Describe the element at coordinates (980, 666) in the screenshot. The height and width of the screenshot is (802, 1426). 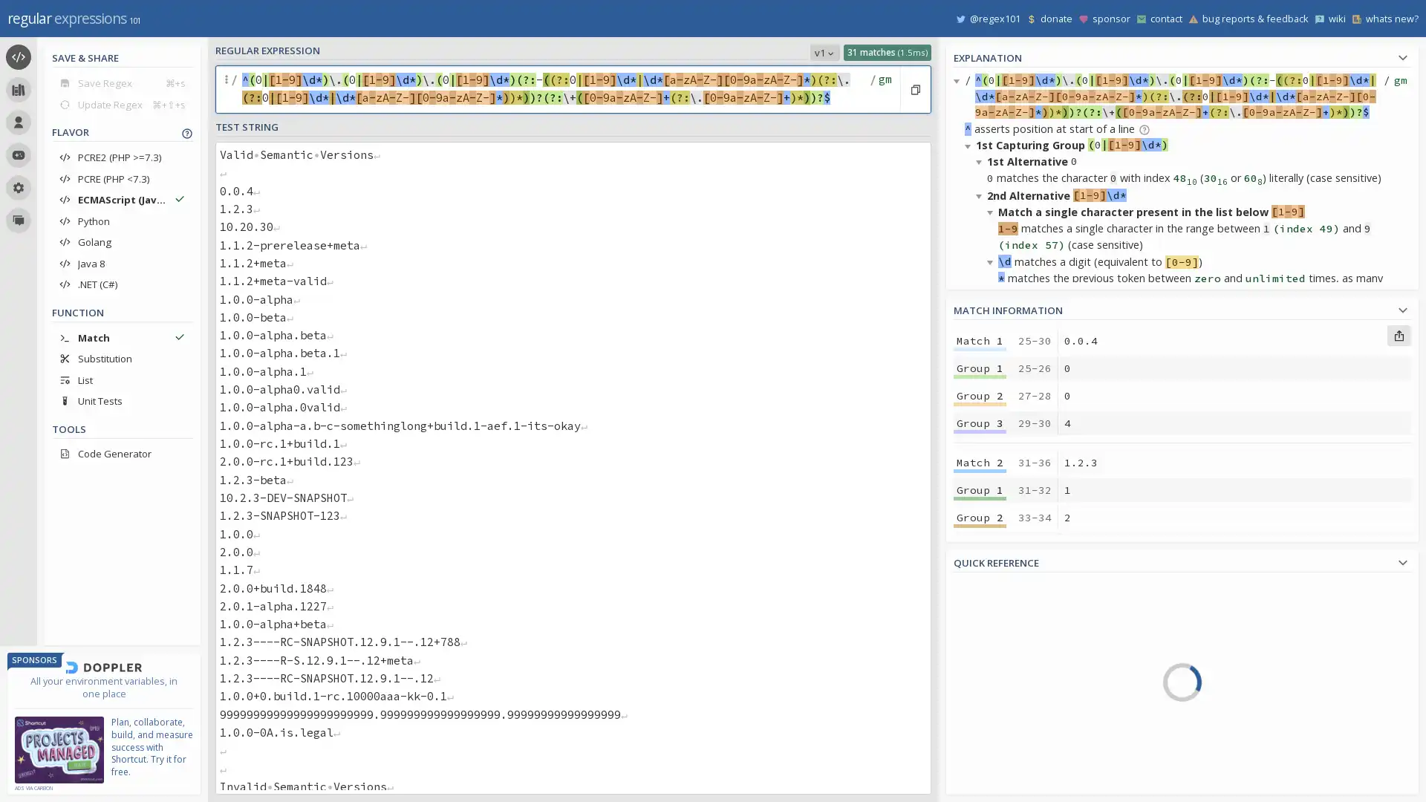
I see `Group 3` at that location.